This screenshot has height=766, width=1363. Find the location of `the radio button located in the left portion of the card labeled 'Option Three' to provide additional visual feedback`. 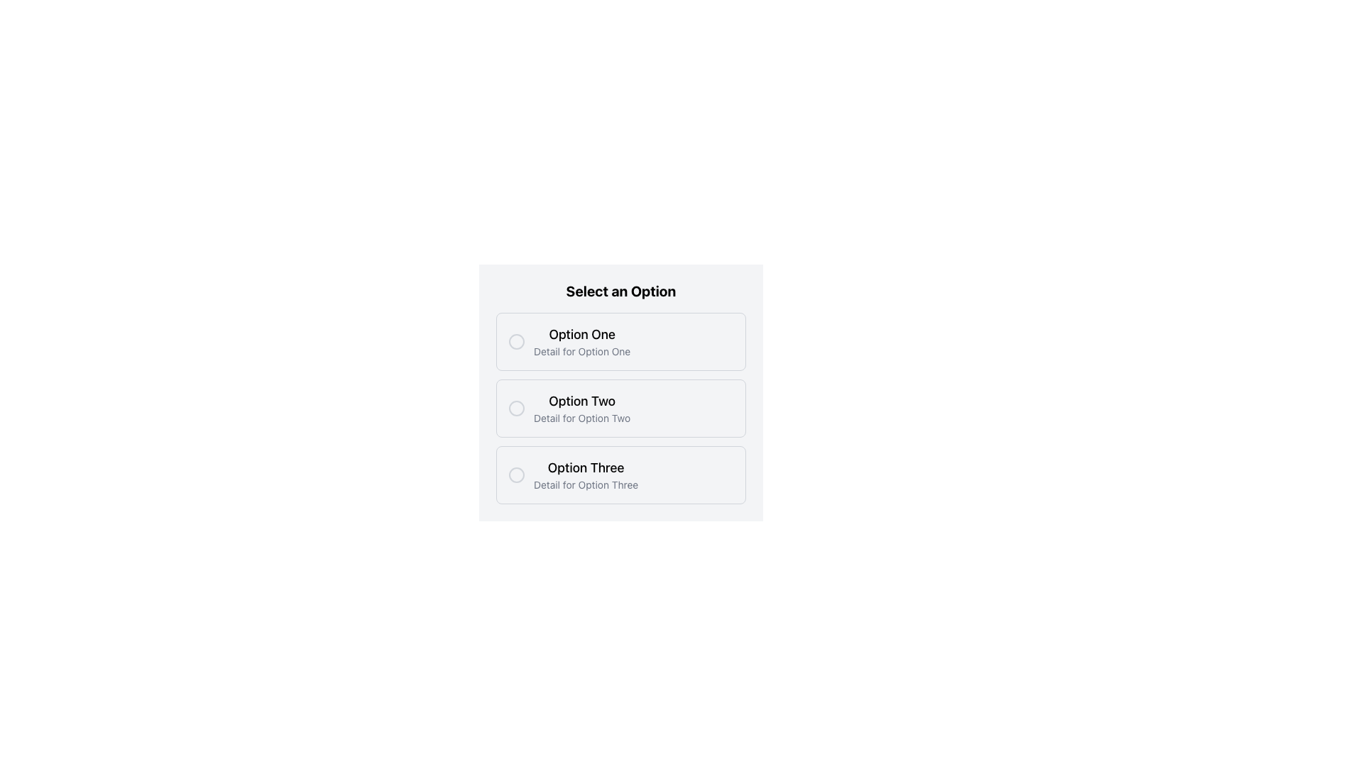

the radio button located in the left portion of the card labeled 'Option Three' to provide additional visual feedback is located at coordinates (516, 475).